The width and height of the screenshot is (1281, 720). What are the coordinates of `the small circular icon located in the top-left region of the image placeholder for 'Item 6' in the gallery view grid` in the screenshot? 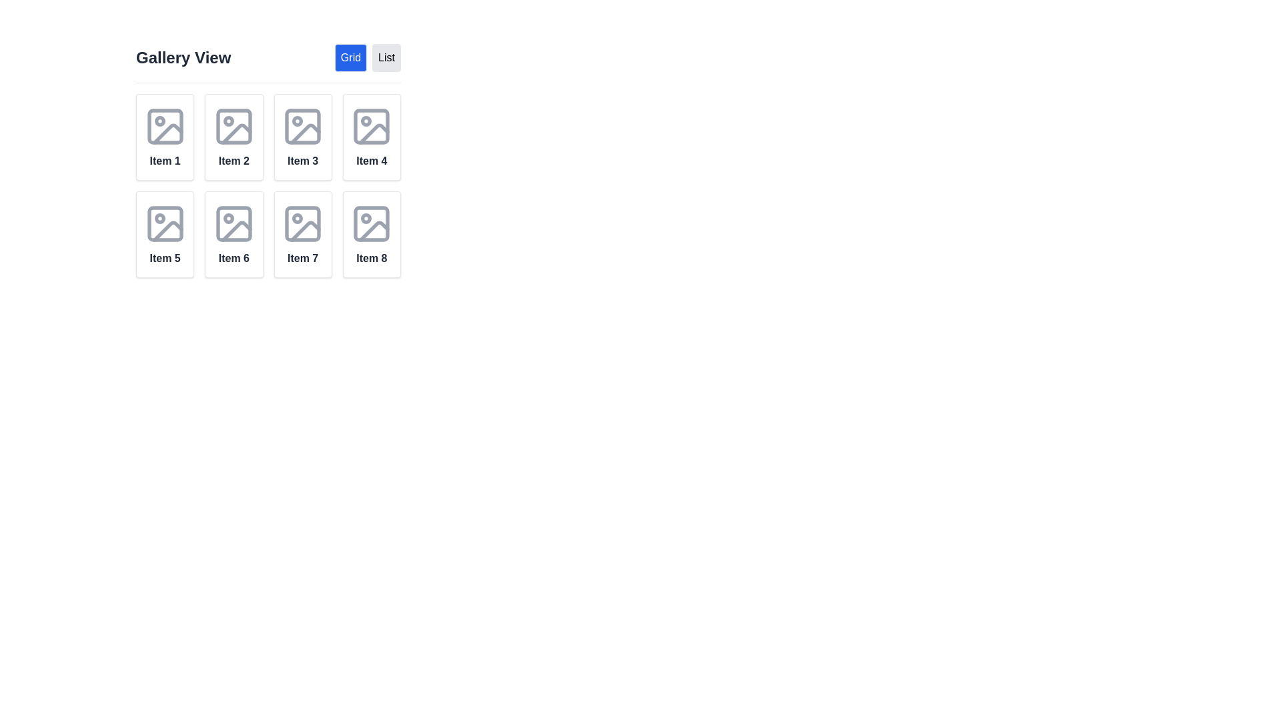 It's located at (228, 217).